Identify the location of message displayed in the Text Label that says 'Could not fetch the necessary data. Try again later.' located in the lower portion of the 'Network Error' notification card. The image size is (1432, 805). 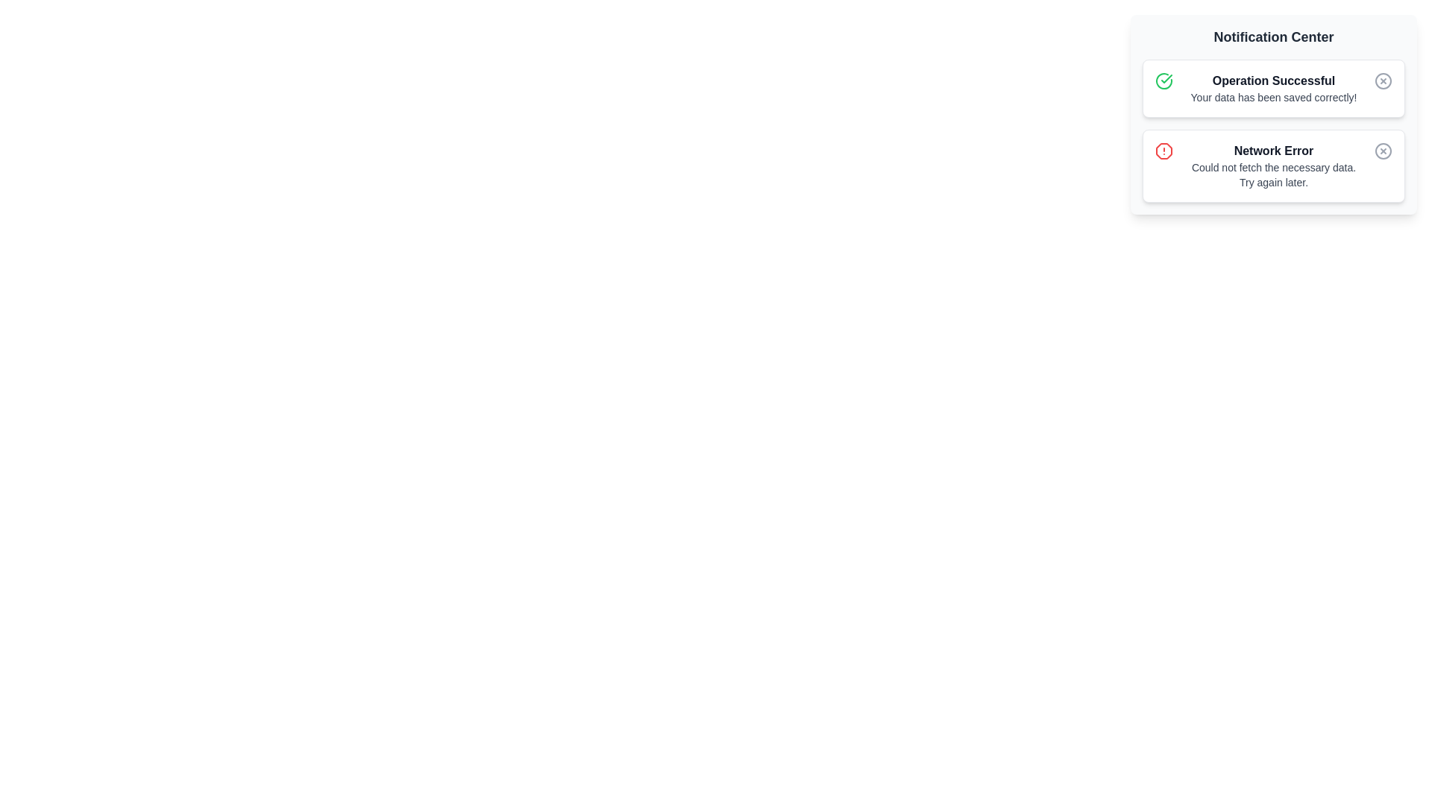
(1273, 174).